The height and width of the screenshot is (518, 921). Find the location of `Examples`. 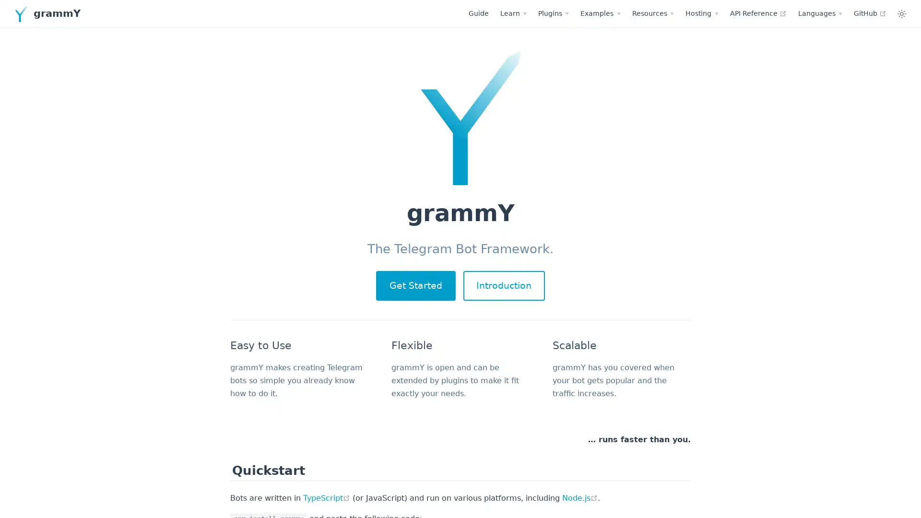

Examples is located at coordinates (515, 13).